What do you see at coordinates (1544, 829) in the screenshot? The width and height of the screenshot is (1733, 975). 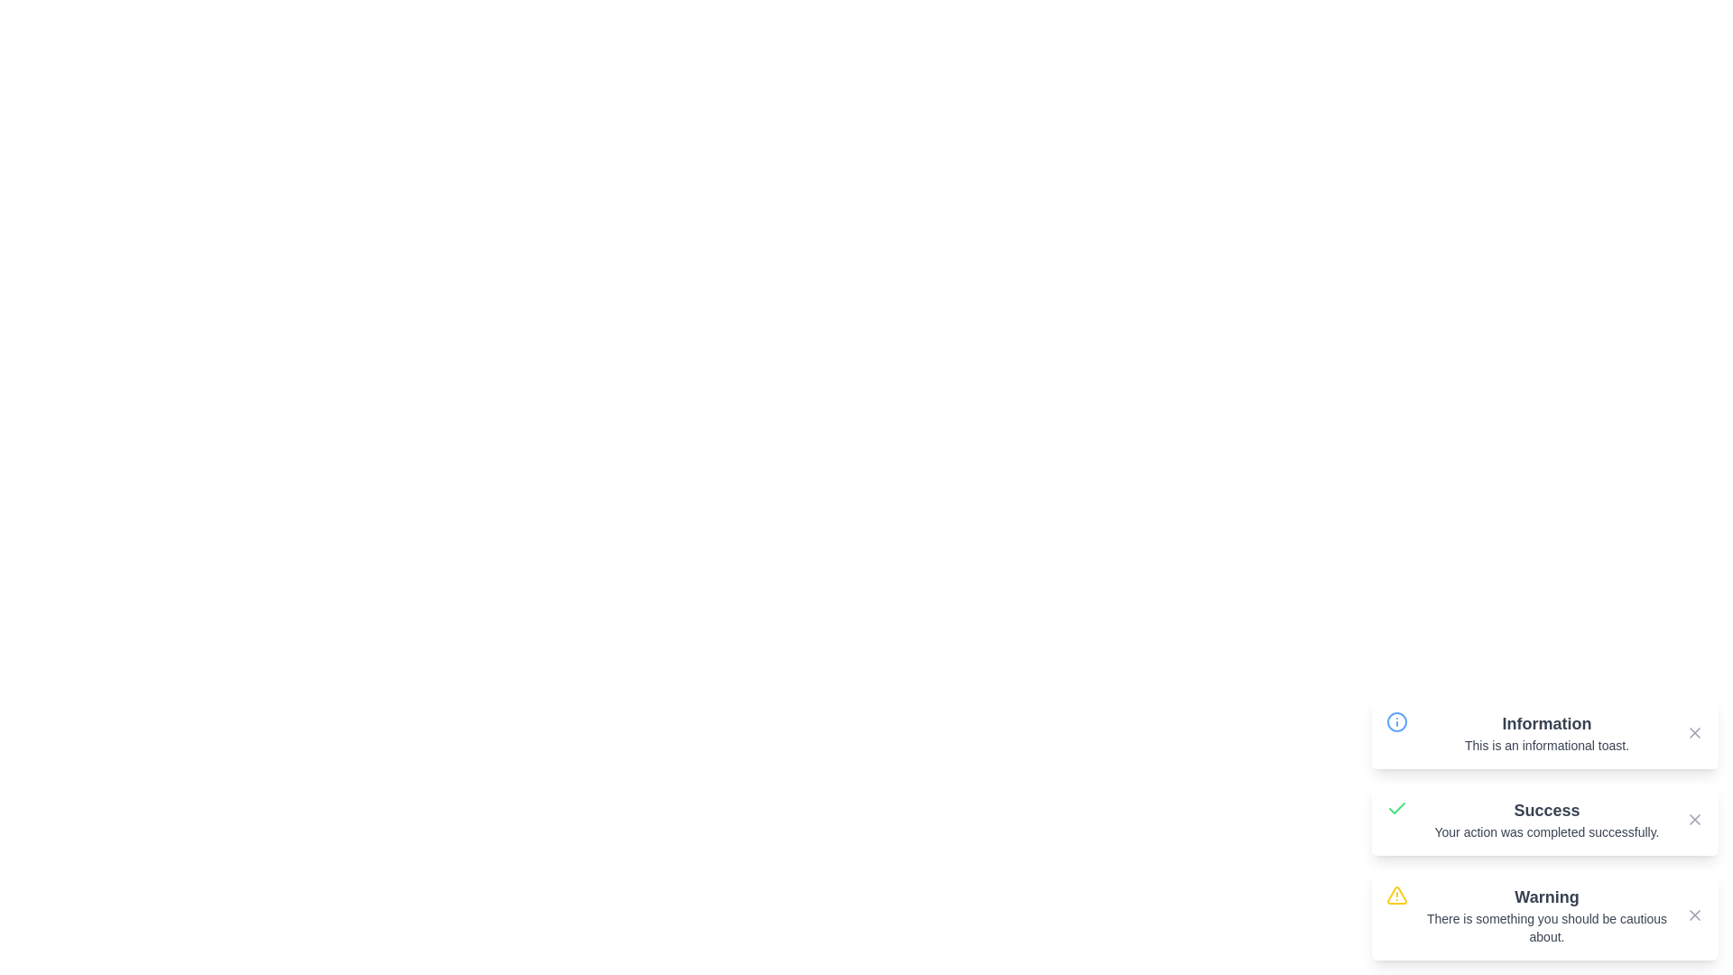 I see `message from the Notification toast that indicates success, which displays 'Your action was completed successfully.'` at bounding box center [1544, 829].